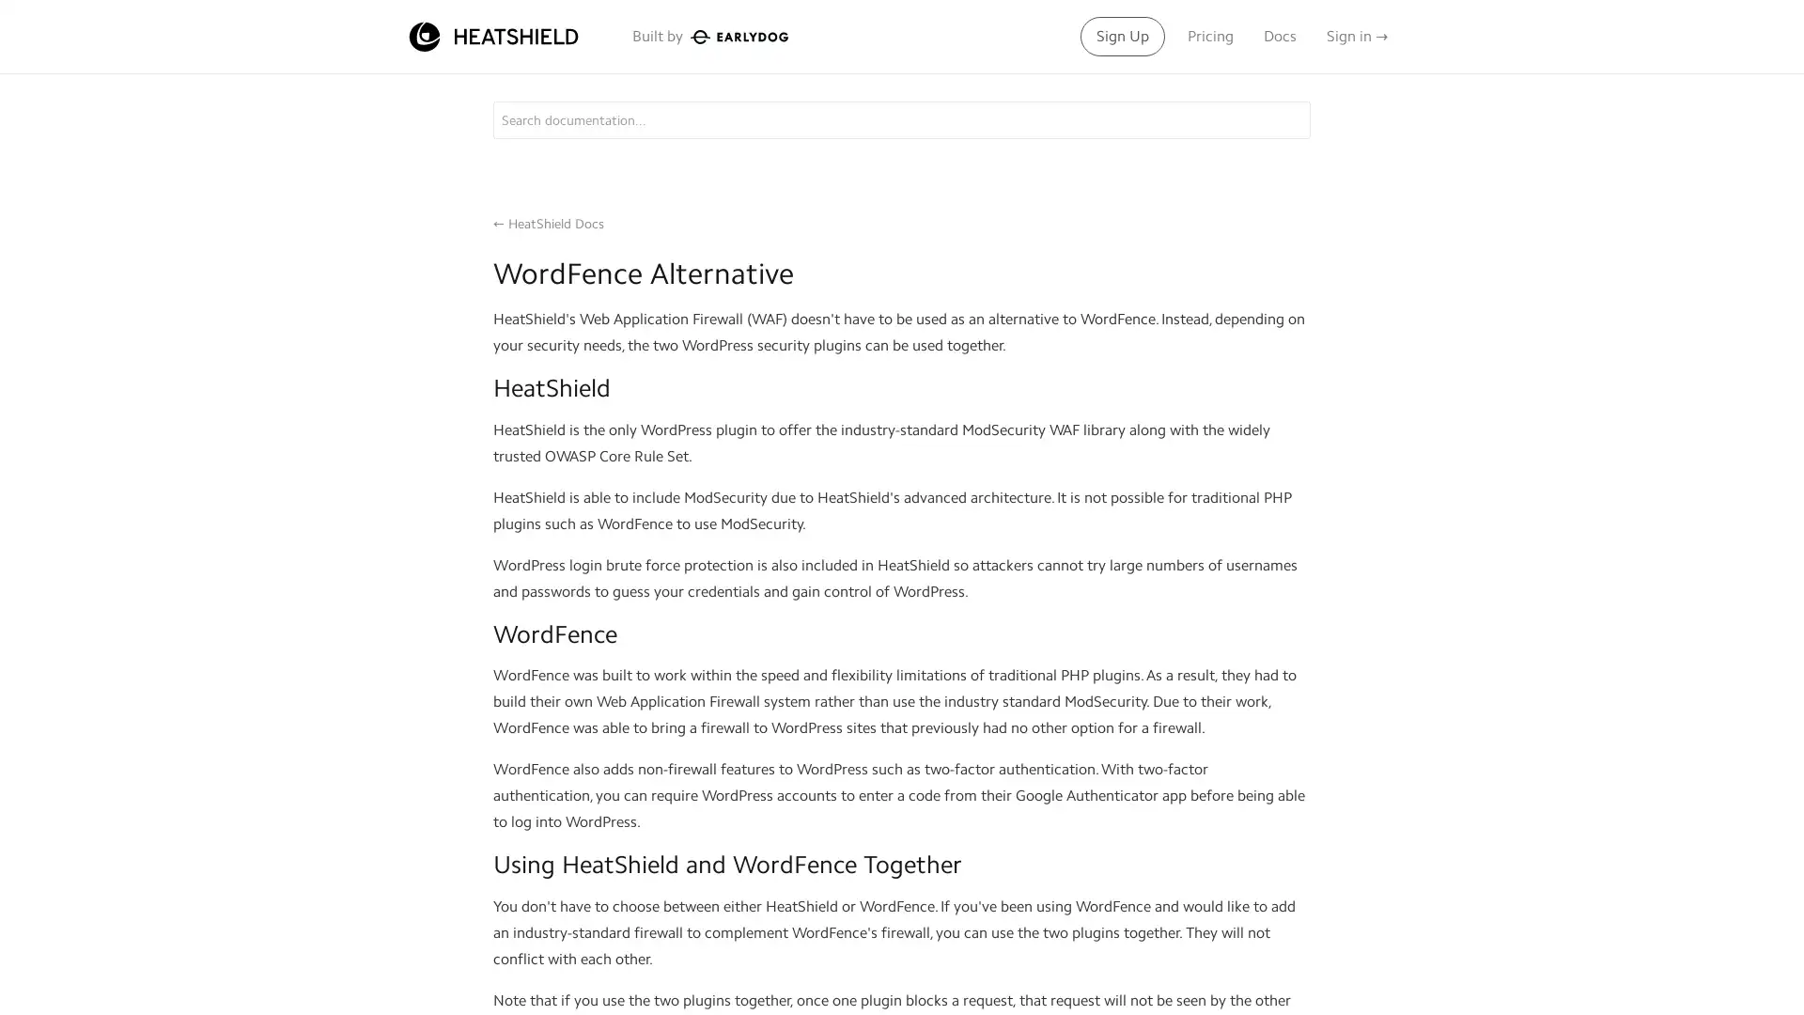 The width and height of the screenshot is (1804, 1015). I want to click on Sign in, so click(1357, 36).